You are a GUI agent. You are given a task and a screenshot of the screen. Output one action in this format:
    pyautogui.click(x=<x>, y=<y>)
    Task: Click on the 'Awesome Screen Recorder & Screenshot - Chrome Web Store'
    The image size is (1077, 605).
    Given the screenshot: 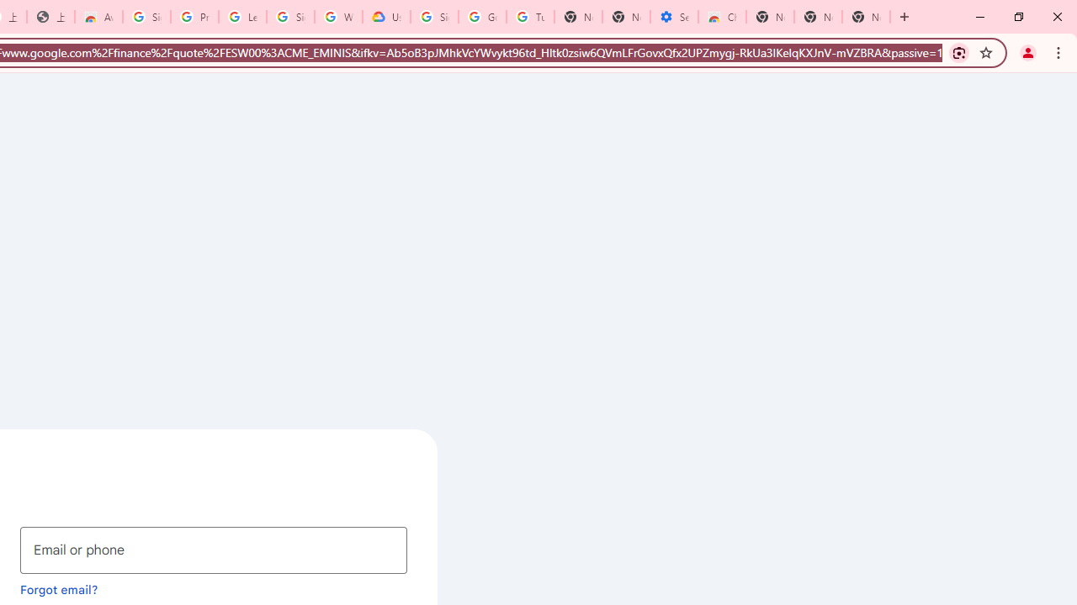 What is the action you would take?
    pyautogui.click(x=98, y=17)
    